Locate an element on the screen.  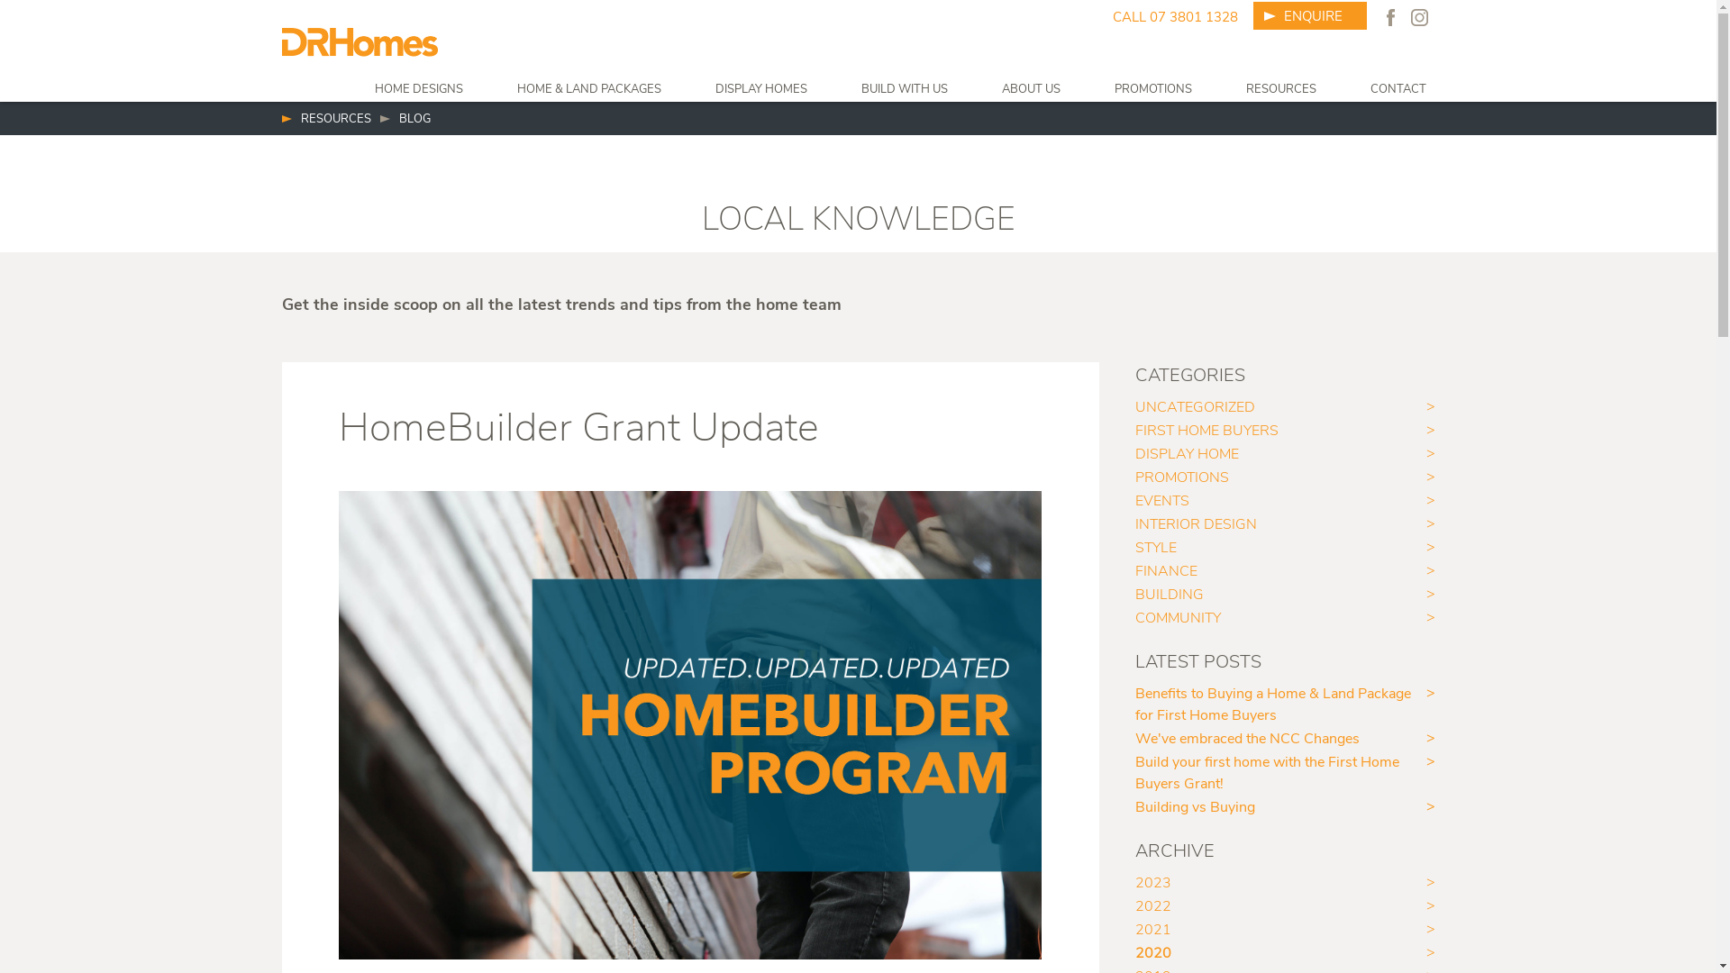
'DISPLAY HOME' is located at coordinates (1283, 453).